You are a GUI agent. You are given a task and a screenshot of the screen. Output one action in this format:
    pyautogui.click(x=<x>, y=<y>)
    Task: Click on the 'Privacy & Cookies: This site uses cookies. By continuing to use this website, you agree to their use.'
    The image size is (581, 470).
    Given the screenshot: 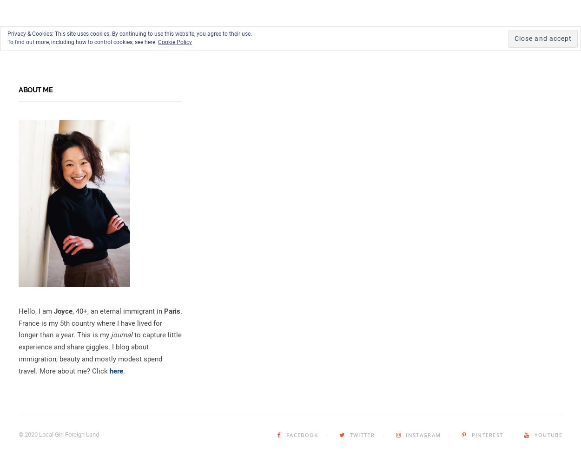 What is the action you would take?
    pyautogui.click(x=130, y=33)
    